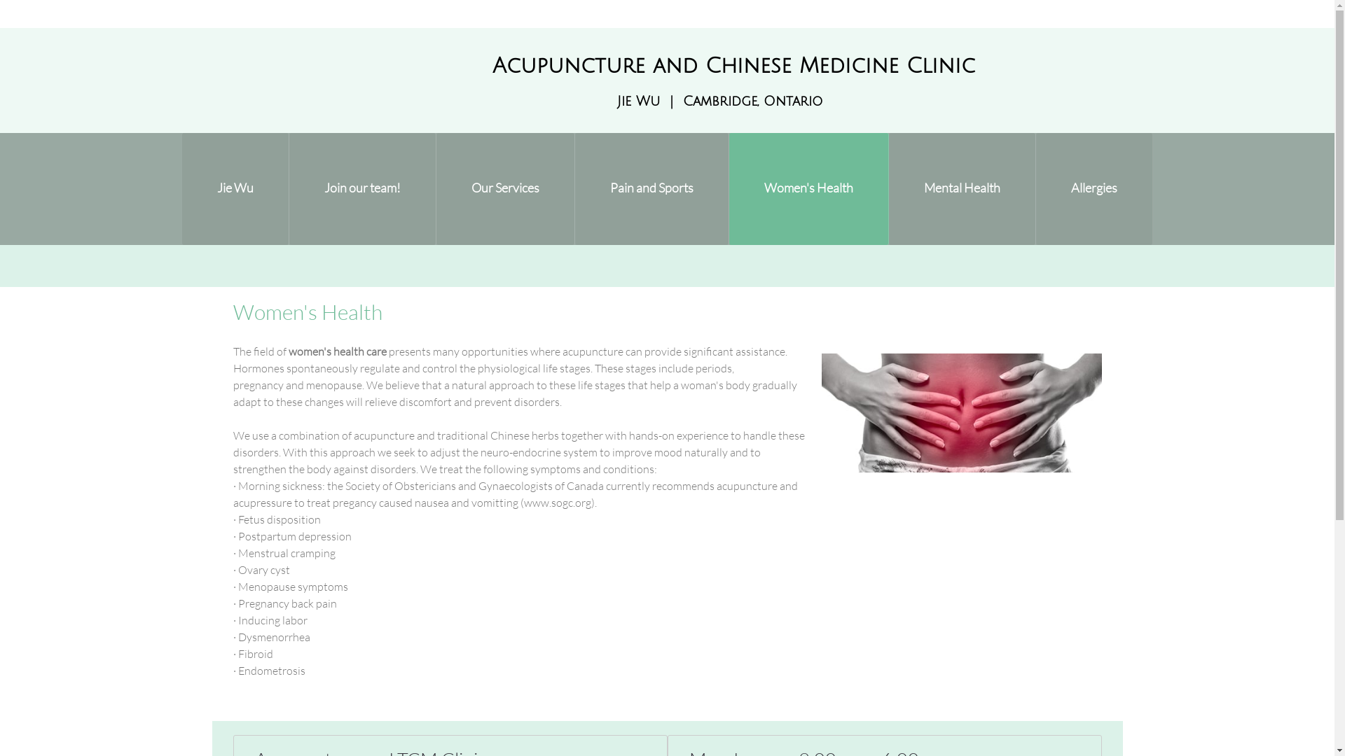  Describe the element at coordinates (888, 189) in the screenshot. I see `'Mental Health'` at that location.